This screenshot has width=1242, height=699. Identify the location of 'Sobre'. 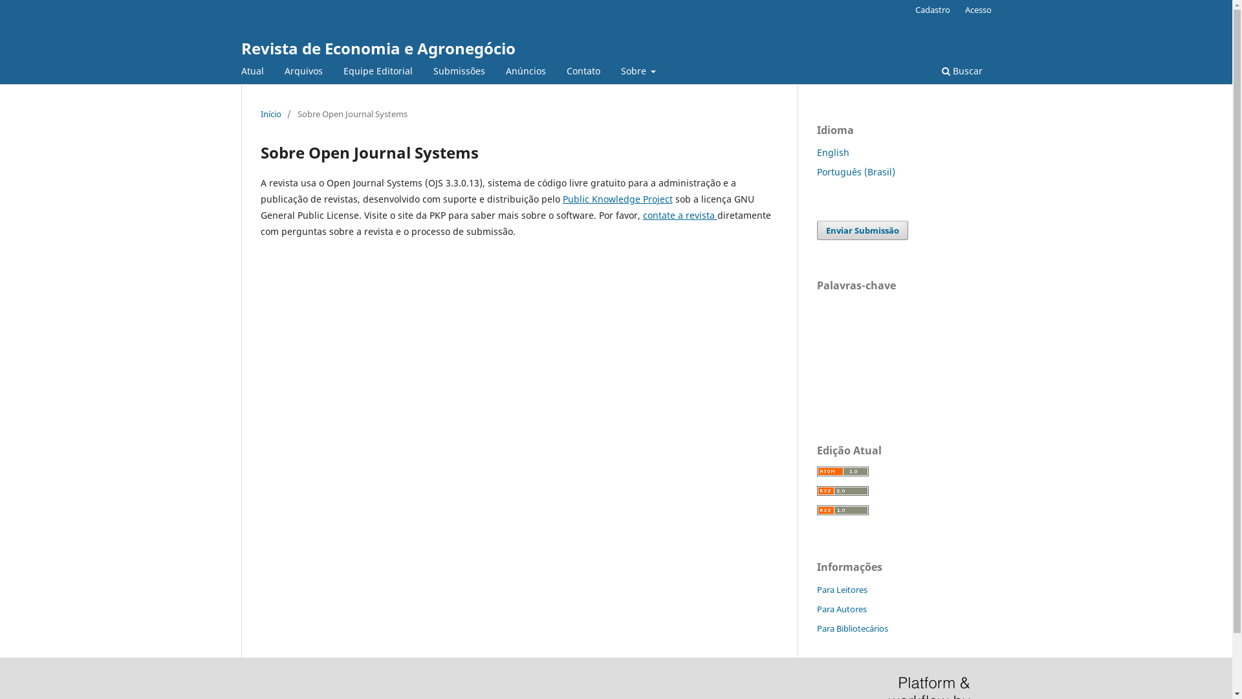
(615, 72).